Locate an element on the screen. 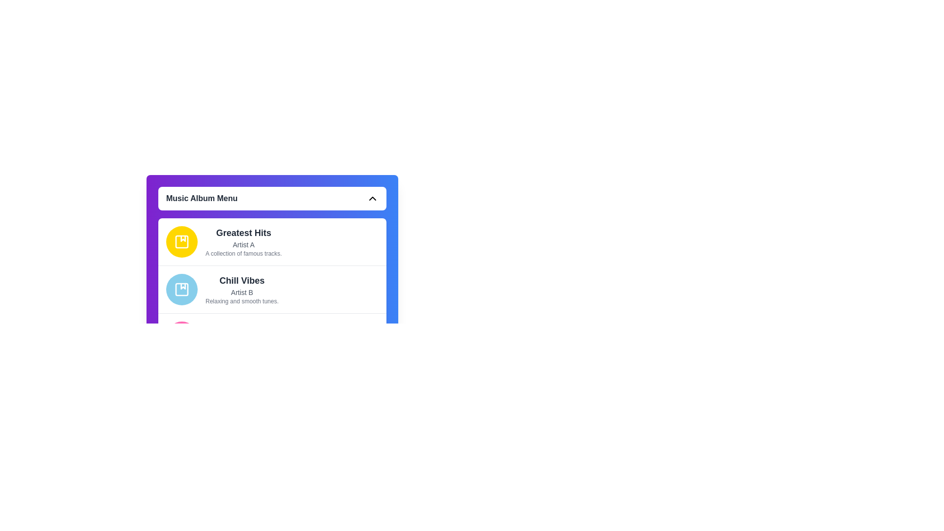  the toggle button to change the menu visibility is located at coordinates (272, 199).